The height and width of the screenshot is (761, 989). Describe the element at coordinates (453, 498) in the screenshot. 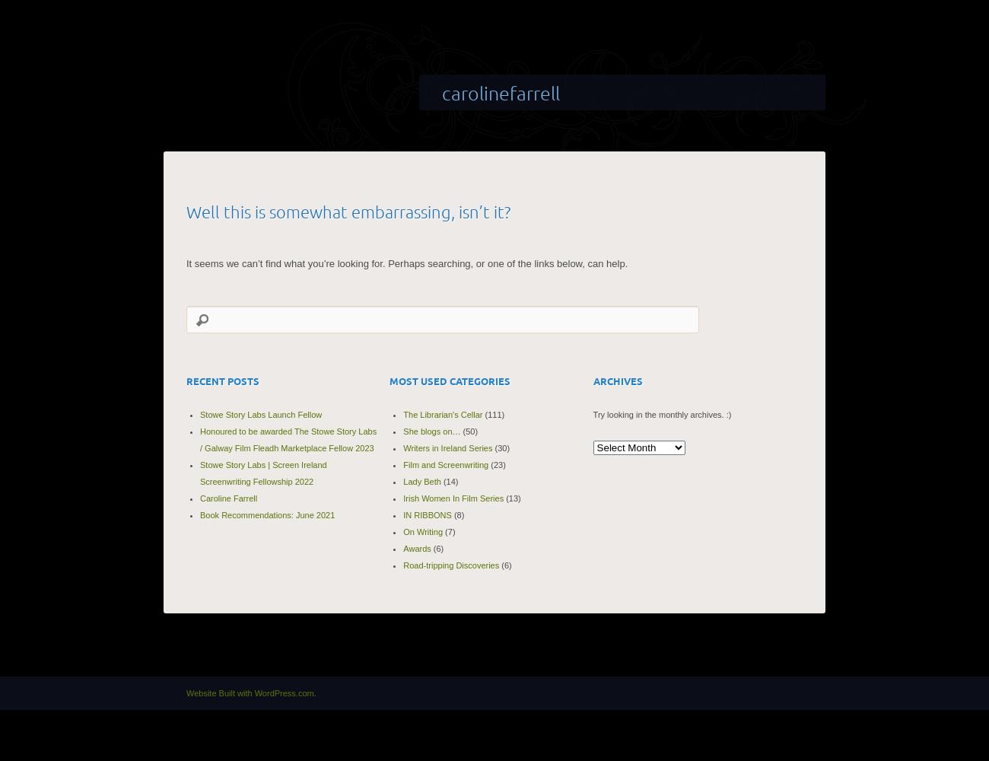

I see `'Irish Women In Film Series'` at that location.